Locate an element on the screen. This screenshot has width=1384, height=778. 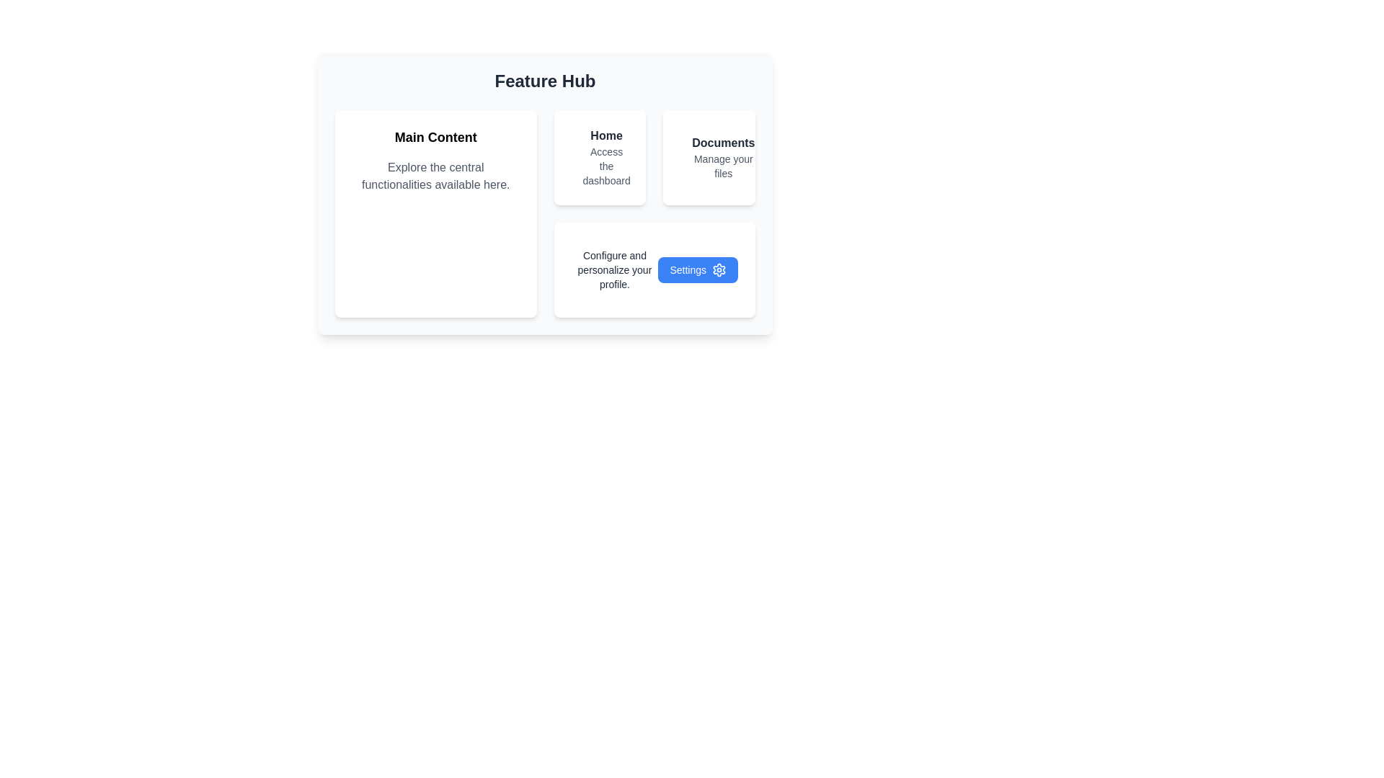
the Text label that serves as a title for the card labeled 'Access the dashboard', located at the top center of the card is located at coordinates (606, 136).